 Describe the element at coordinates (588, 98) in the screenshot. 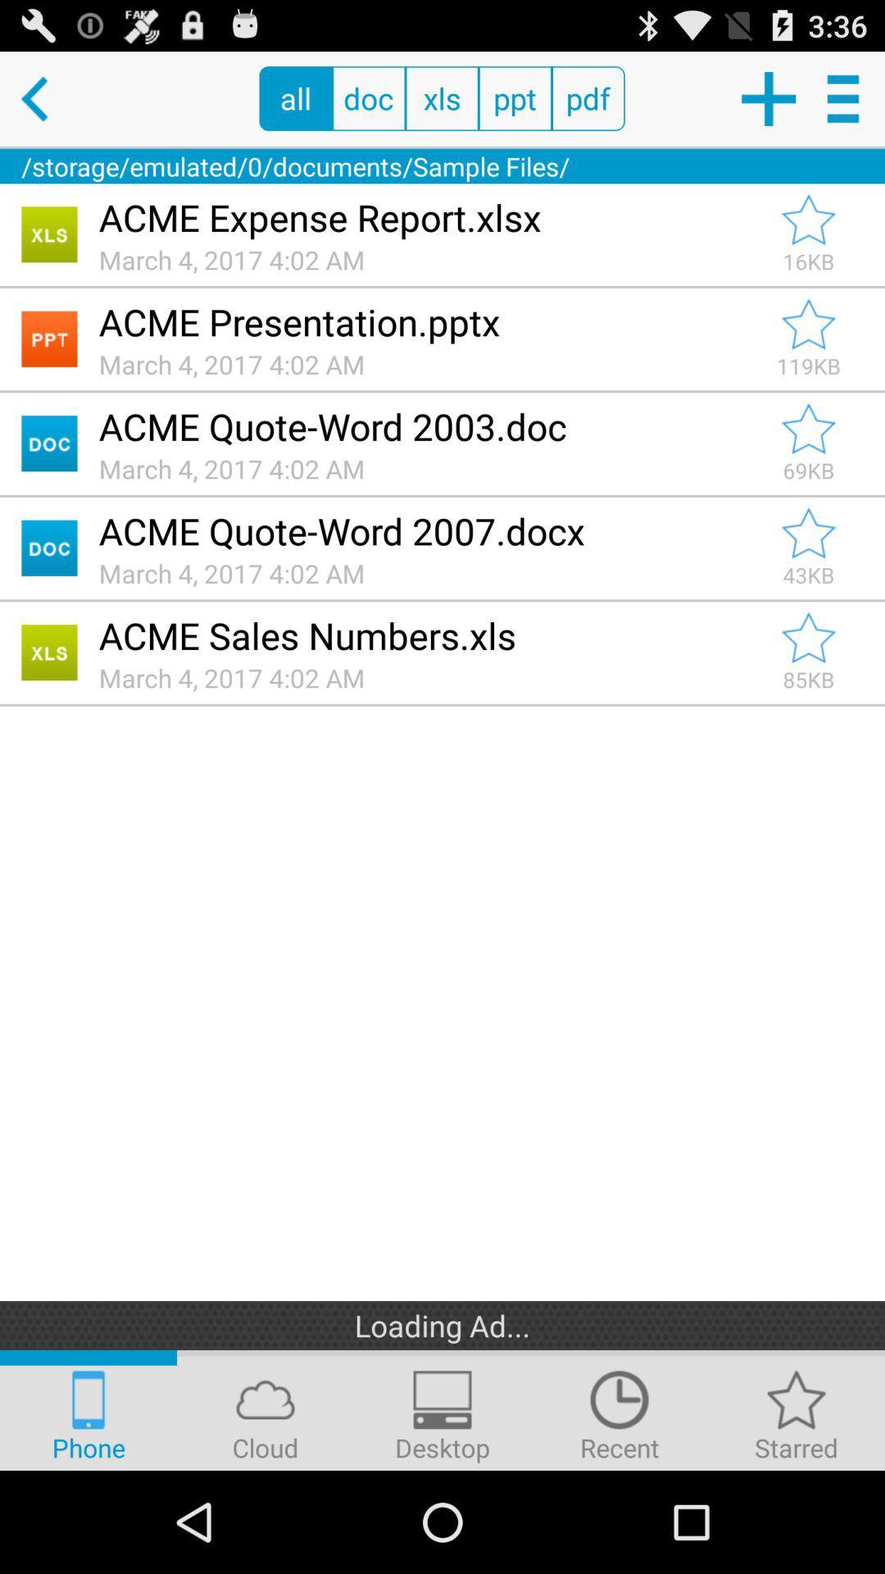

I see `item to the right of the ppt` at that location.